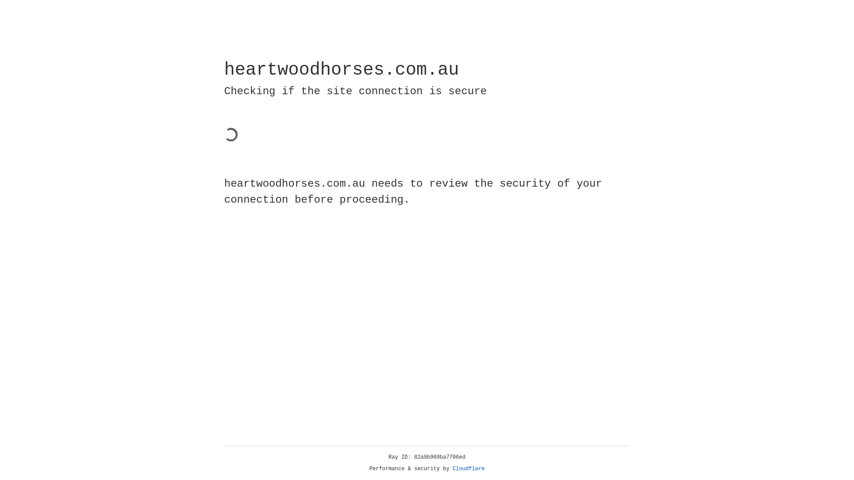  What do you see at coordinates (468, 468) in the screenshot?
I see `'Cloudflare'` at bounding box center [468, 468].